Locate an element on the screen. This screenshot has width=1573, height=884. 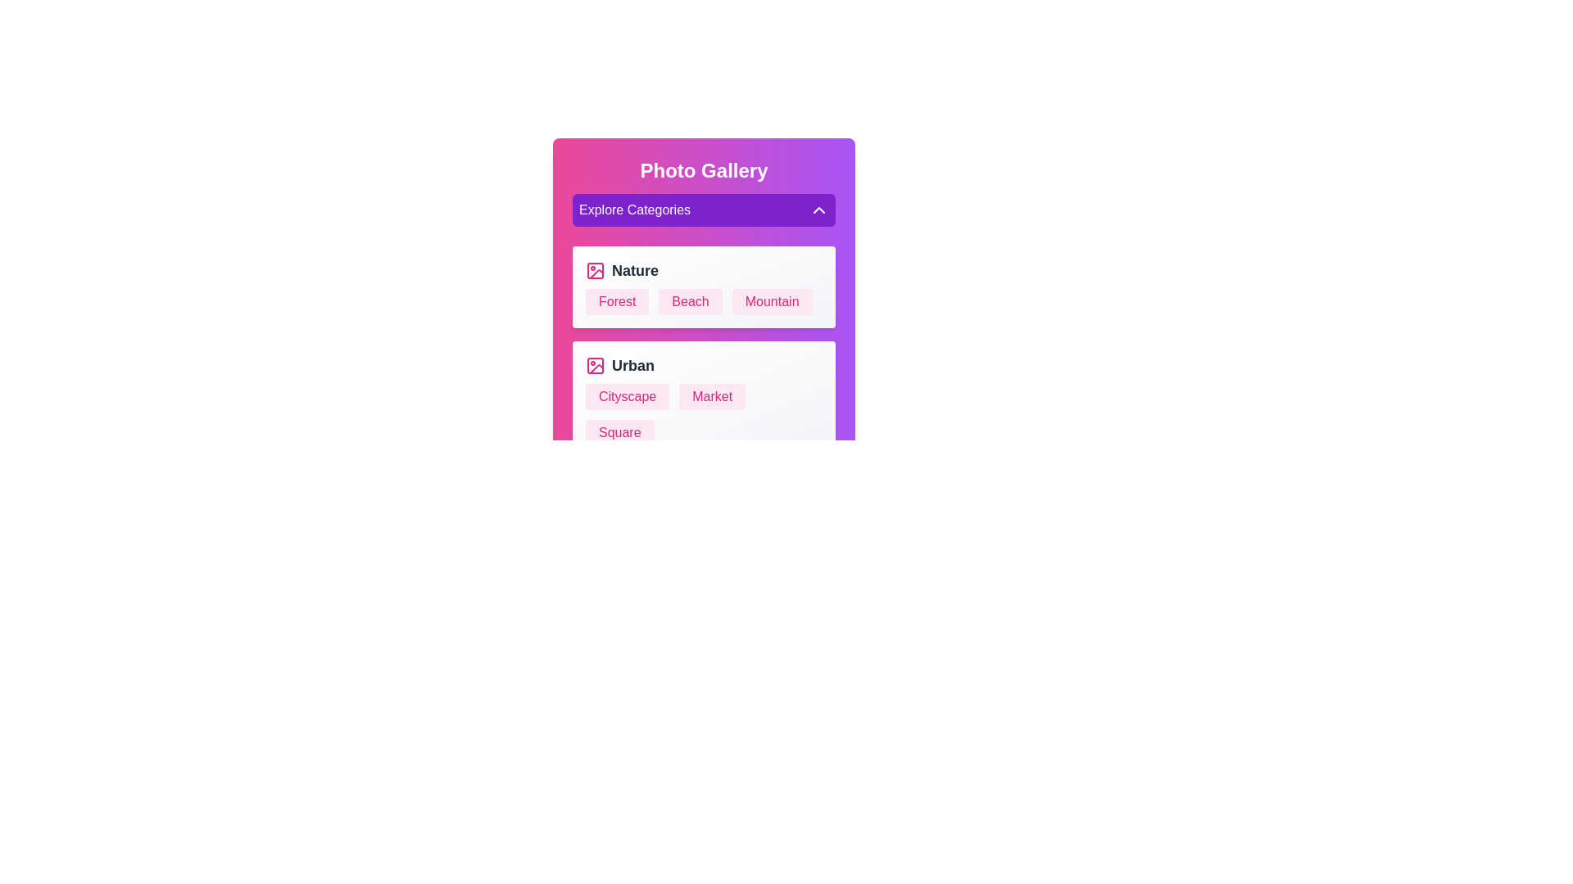
the category Nature to explore it is located at coordinates (704, 270).